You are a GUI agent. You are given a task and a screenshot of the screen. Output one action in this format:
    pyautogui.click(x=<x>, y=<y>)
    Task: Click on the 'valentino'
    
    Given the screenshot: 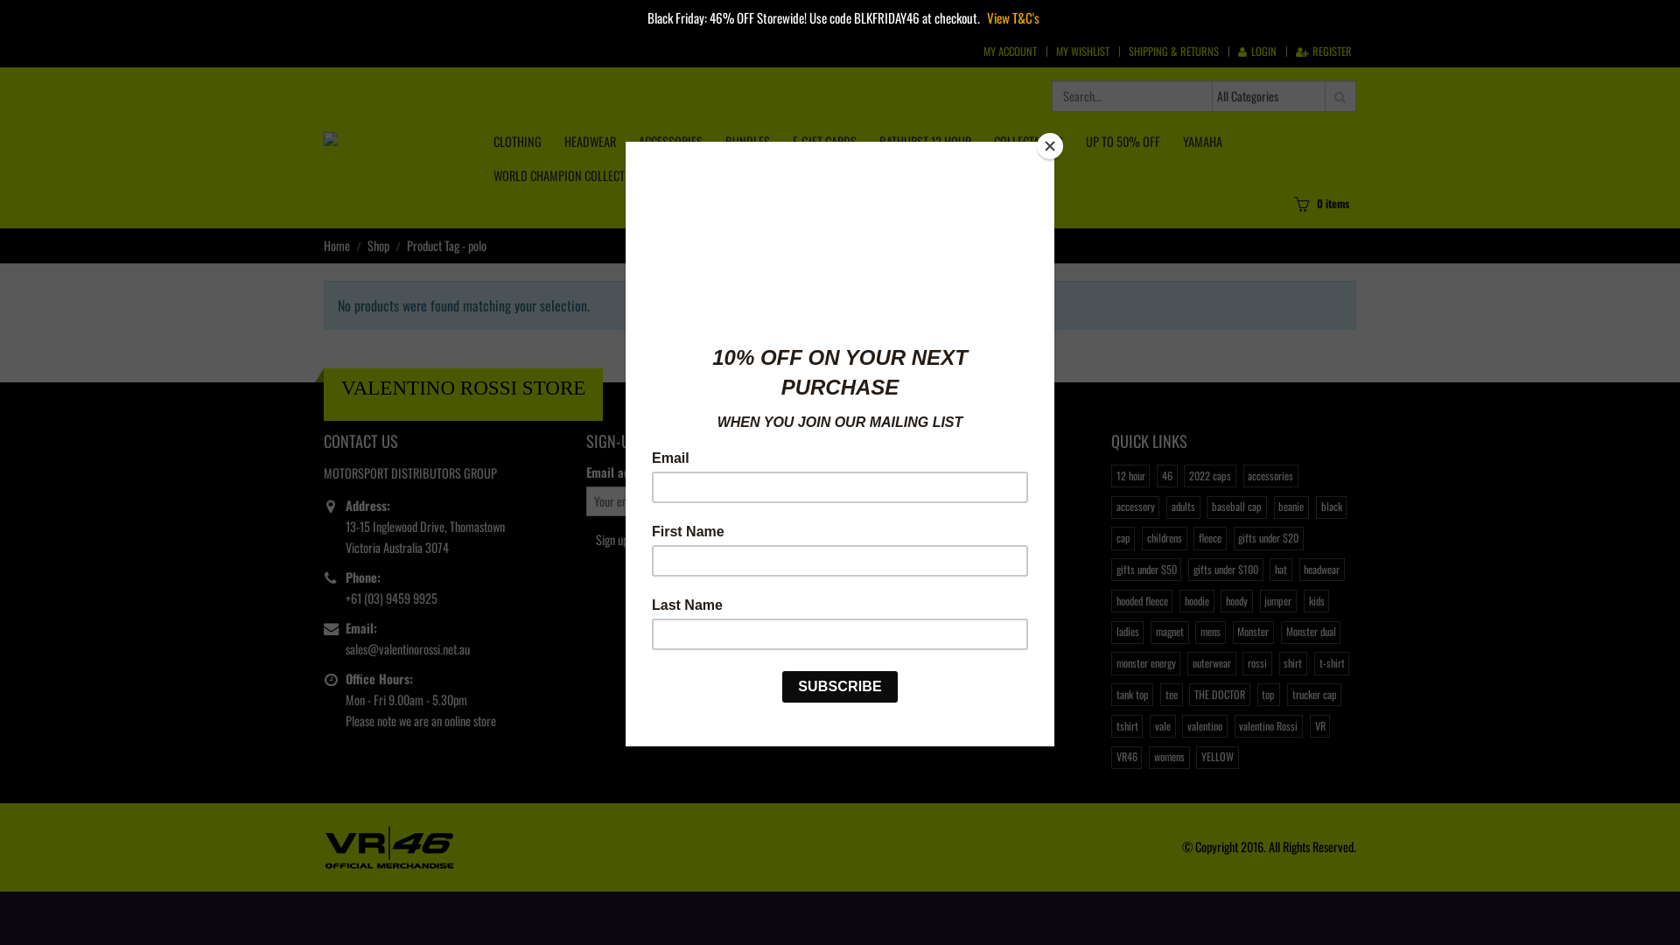 What is the action you would take?
    pyautogui.click(x=1203, y=725)
    